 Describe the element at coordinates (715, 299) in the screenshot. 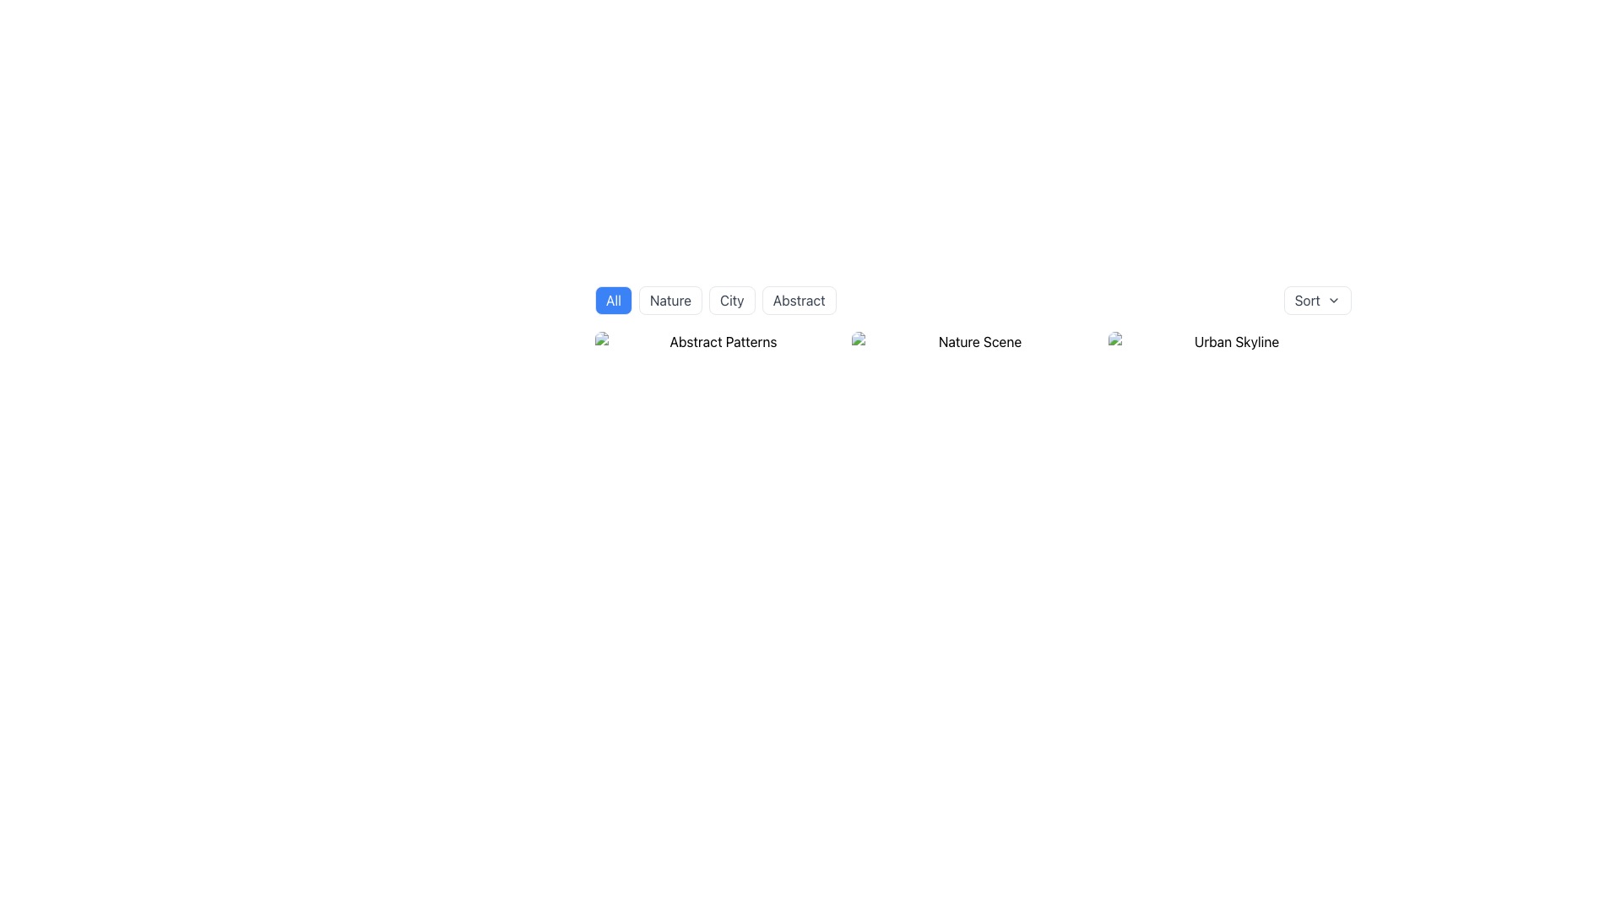

I see `the 'All' button in the filter/navigation menu, which allows users to select between categories such as 'Nature', 'City', and 'Abstract'` at that location.